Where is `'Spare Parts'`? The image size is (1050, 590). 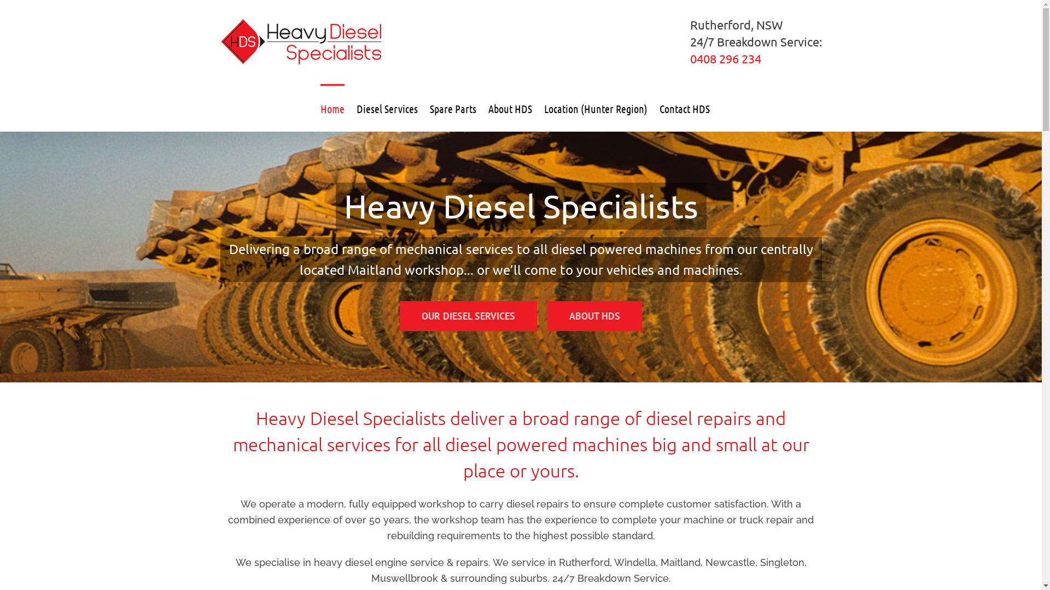 'Spare Parts' is located at coordinates (429, 107).